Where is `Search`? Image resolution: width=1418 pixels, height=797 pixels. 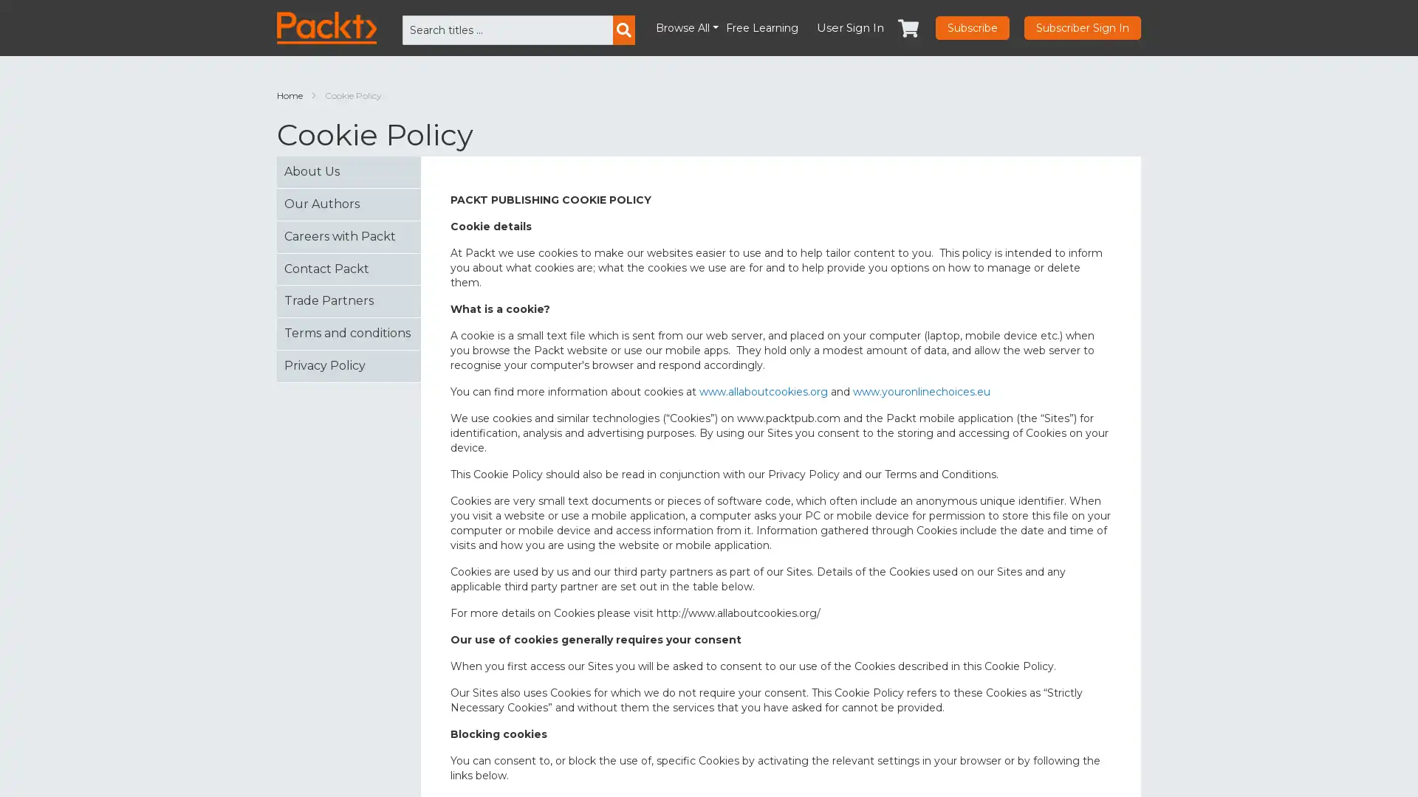 Search is located at coordinates (623, 30).